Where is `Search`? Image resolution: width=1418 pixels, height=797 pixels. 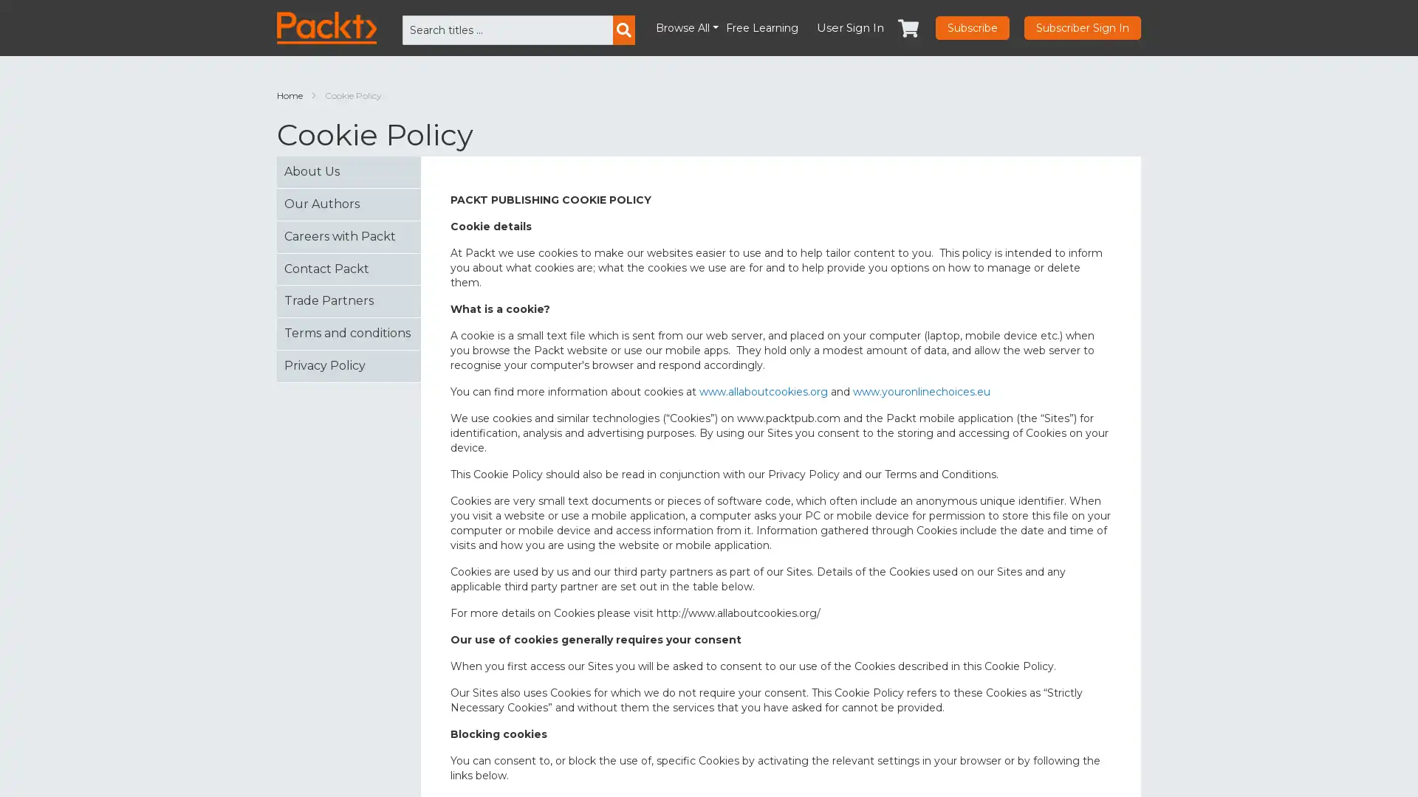 Search is located at coordinates (623, 30).